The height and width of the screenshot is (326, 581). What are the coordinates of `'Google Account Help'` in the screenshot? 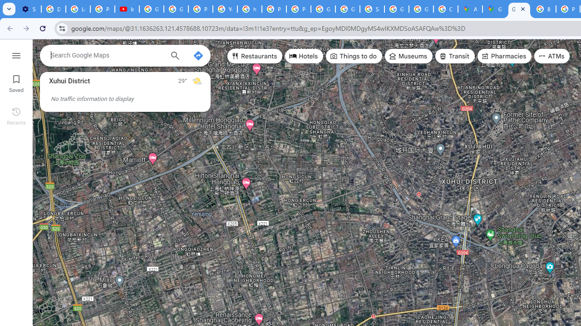 It's located at (152, 9).